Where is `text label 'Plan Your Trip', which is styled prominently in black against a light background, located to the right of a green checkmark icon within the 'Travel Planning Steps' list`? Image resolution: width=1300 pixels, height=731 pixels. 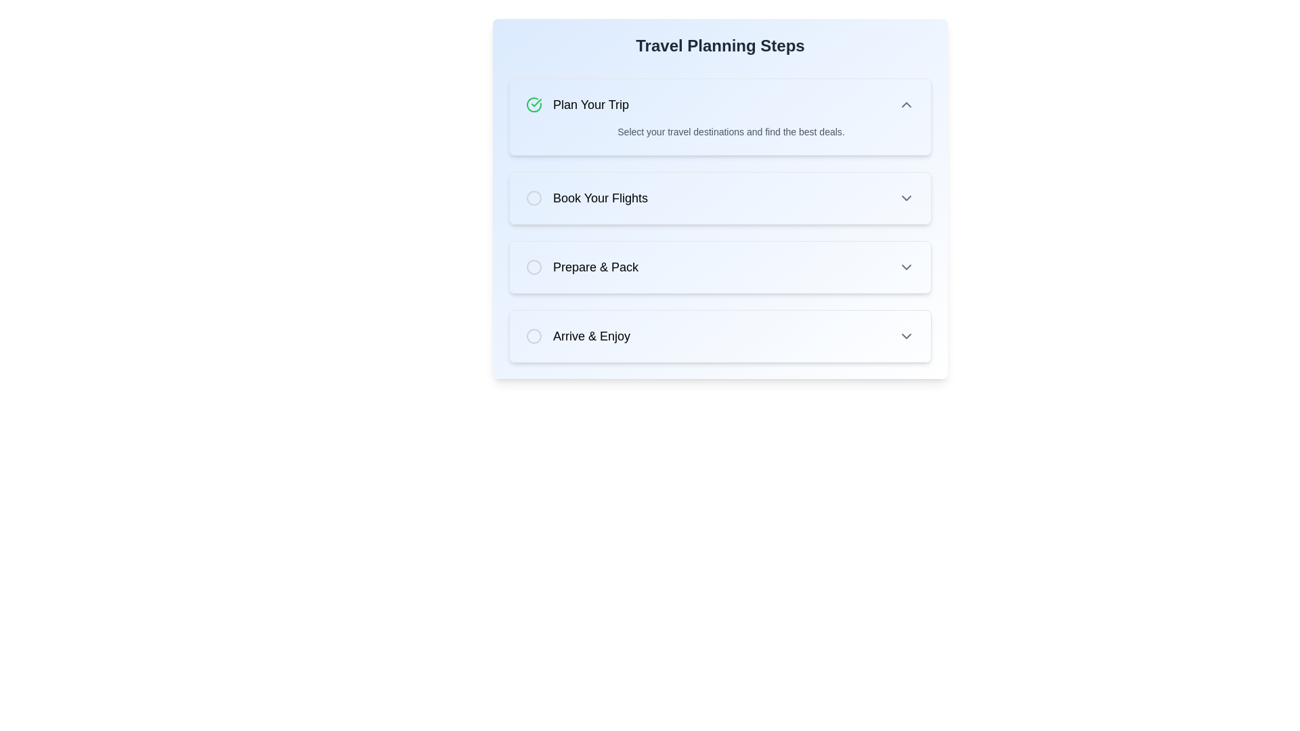 text label 'Plan Your Trip', which is styled prominently in black against a light background, located to the right of a green checkmark icon within the 'Travel Planning Steps' list is located at coordinates (591, 104).